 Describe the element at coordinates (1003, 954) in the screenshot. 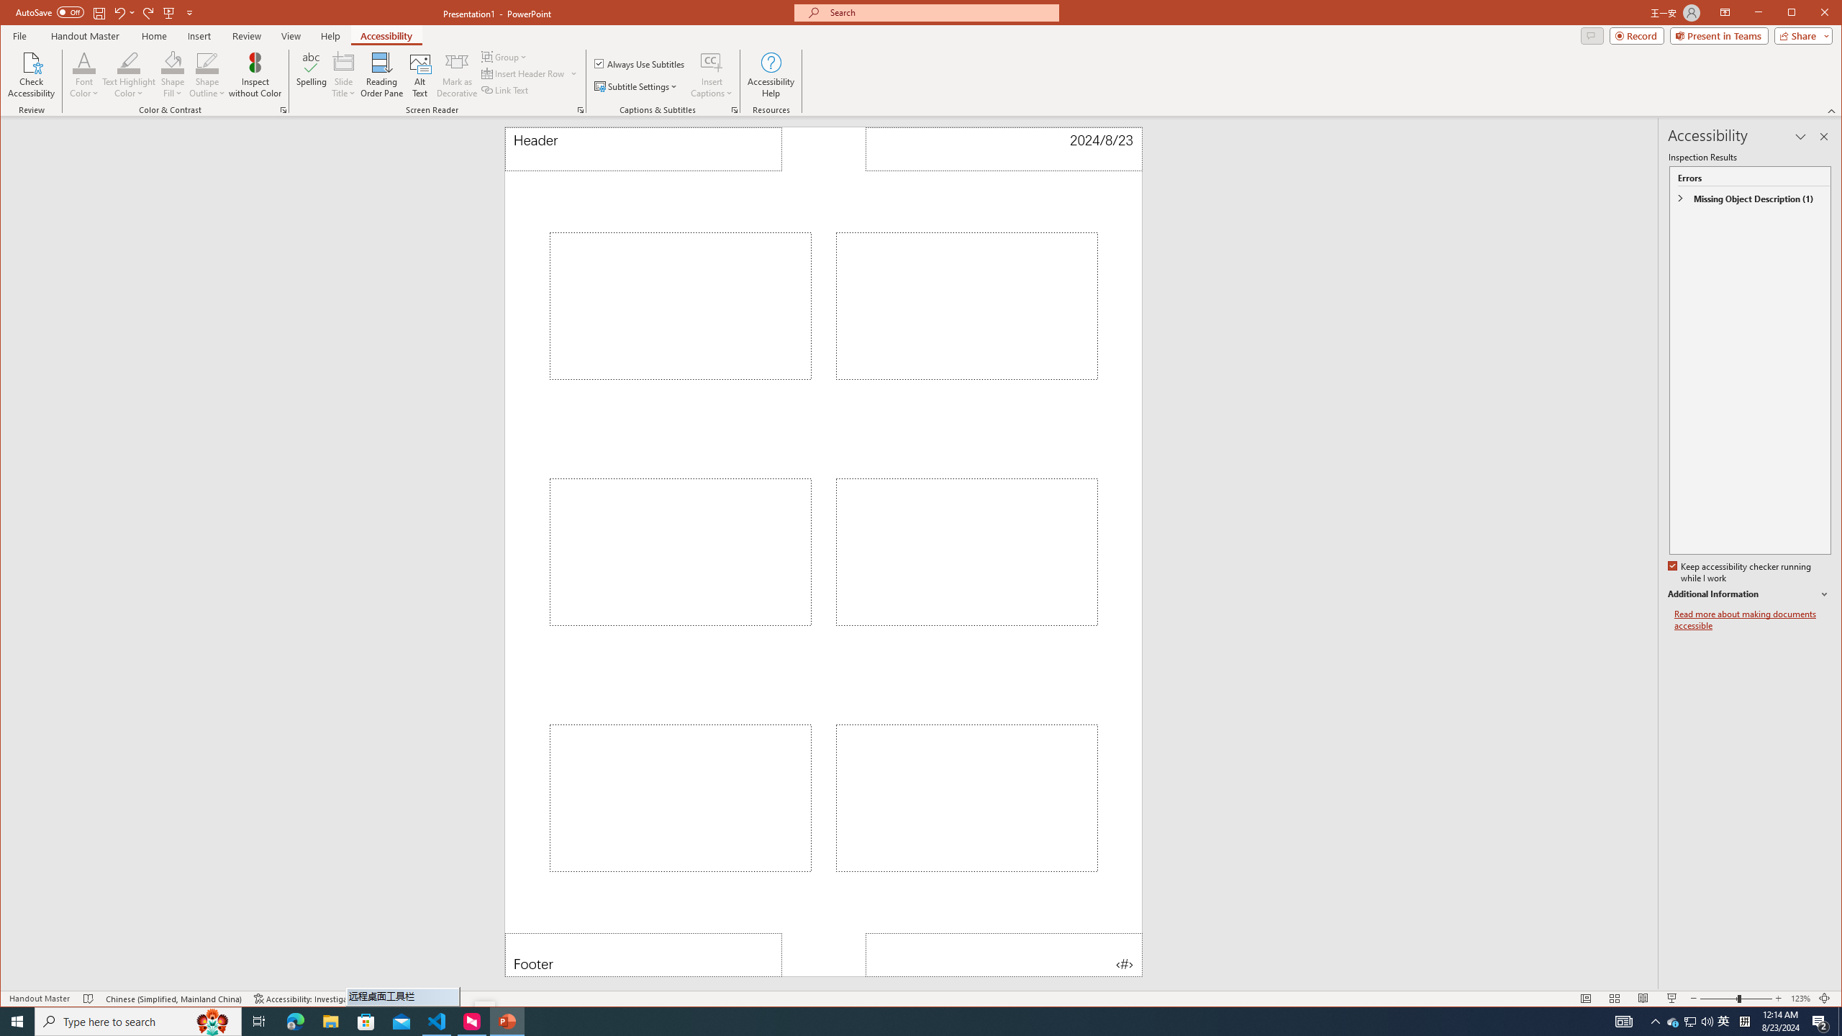

I see `'Page Number'` at that location.